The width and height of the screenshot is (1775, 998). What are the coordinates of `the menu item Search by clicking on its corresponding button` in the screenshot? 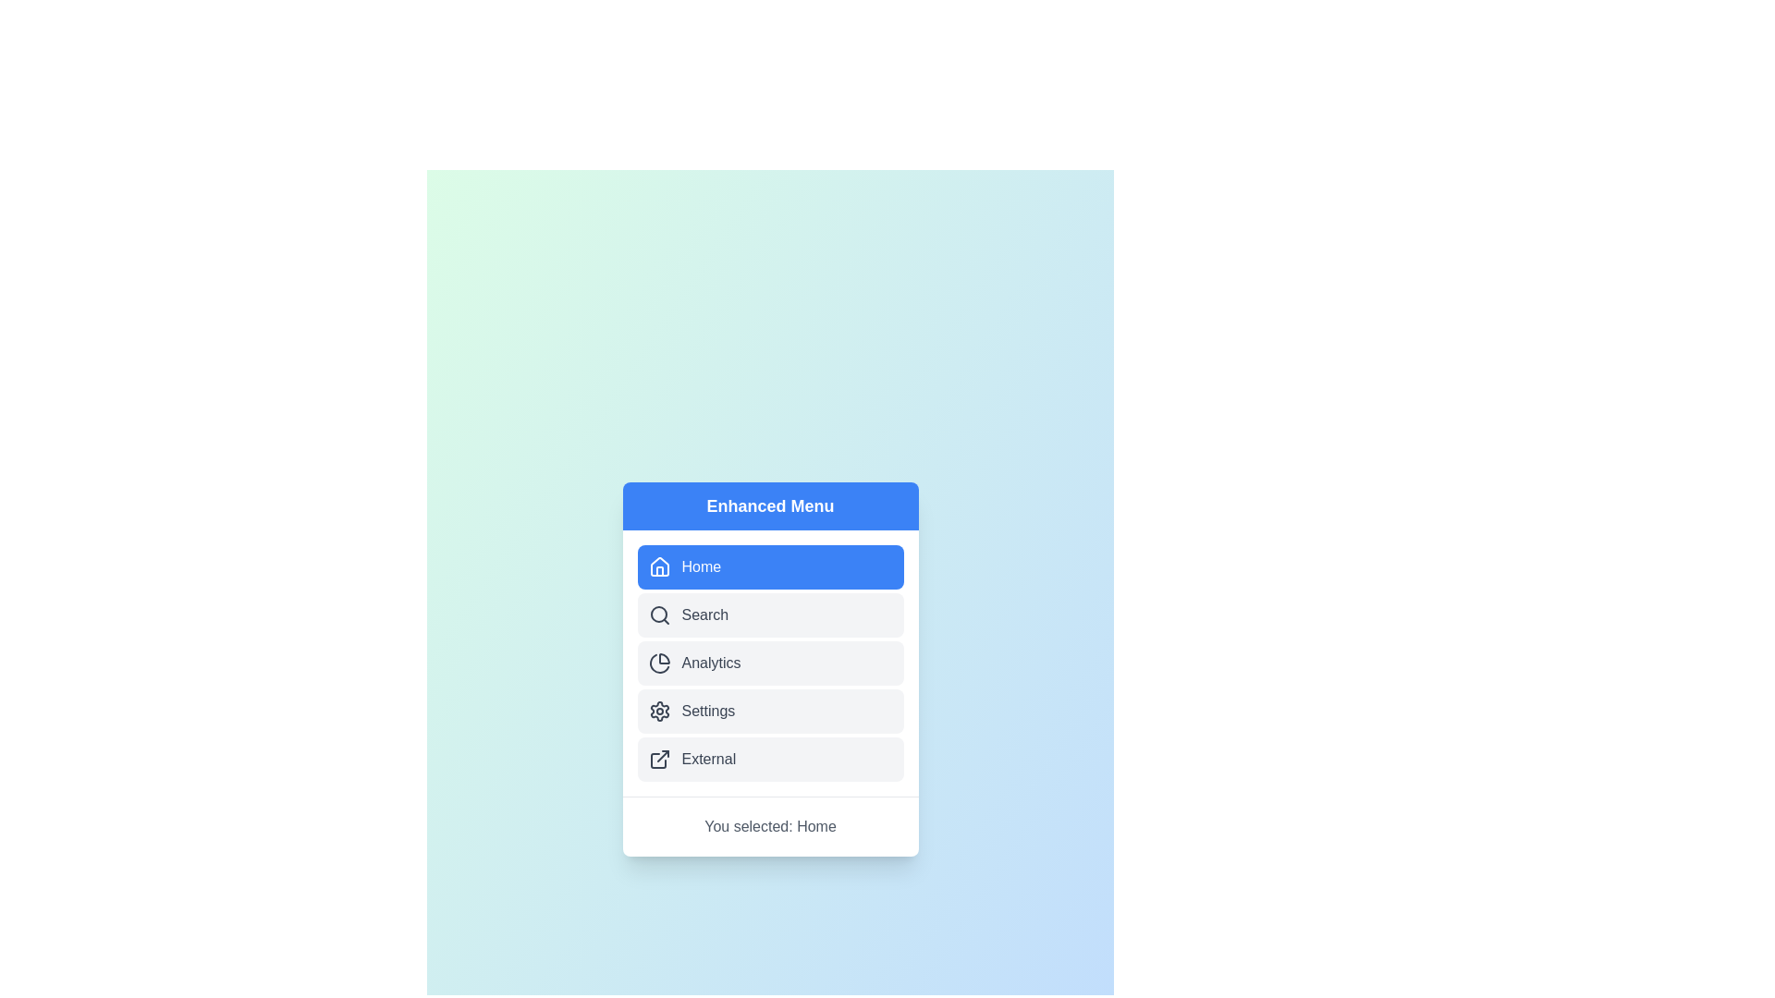 It's located at (770, 615).